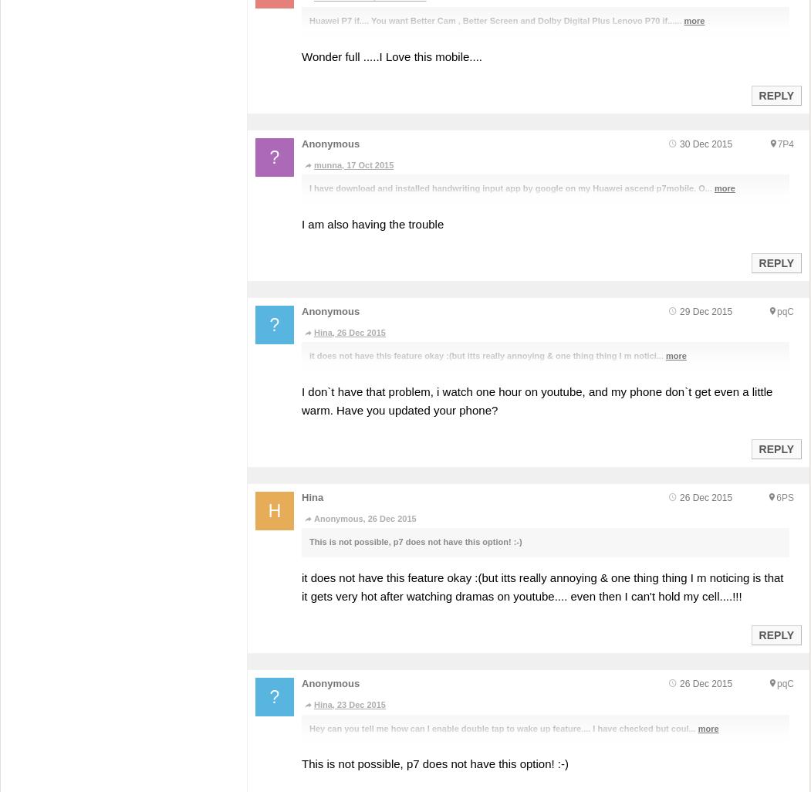 The height and width of the screenshot is (792, 811). I want to click on '30 Dec 2015', so click(678, 143).